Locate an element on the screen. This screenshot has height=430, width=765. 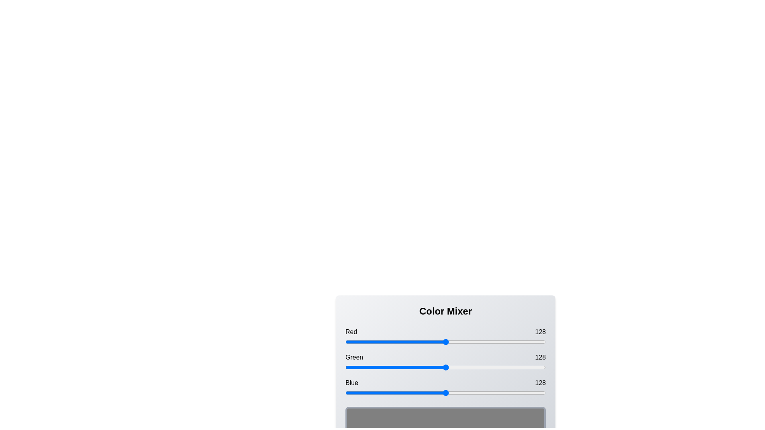
the red slider to 16 is located at coordinates (357, 342).